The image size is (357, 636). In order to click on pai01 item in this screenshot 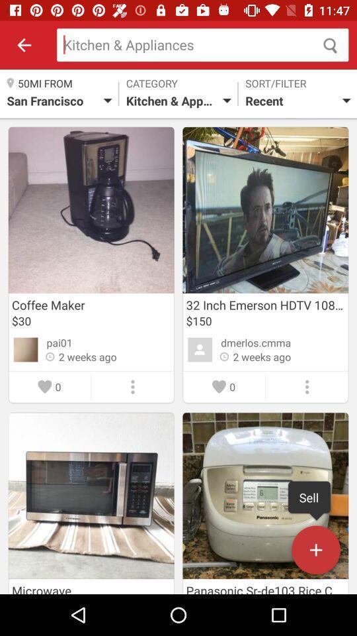, I will do `click(59, 342)`.